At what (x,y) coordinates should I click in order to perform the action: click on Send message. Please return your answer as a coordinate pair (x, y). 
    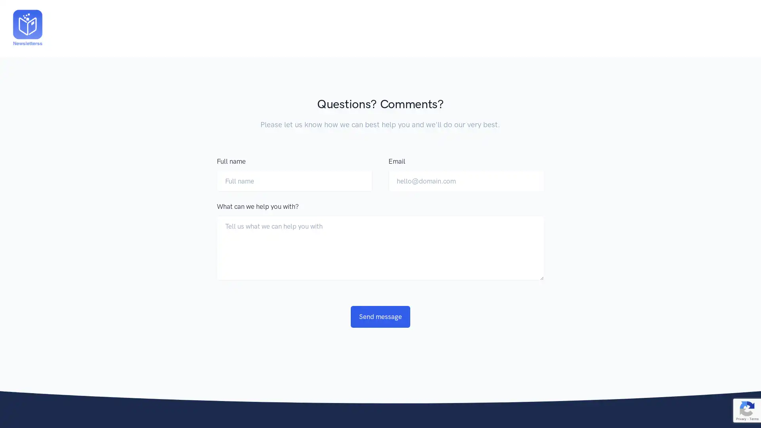
    Looking at the image, I should click on (380, 316).